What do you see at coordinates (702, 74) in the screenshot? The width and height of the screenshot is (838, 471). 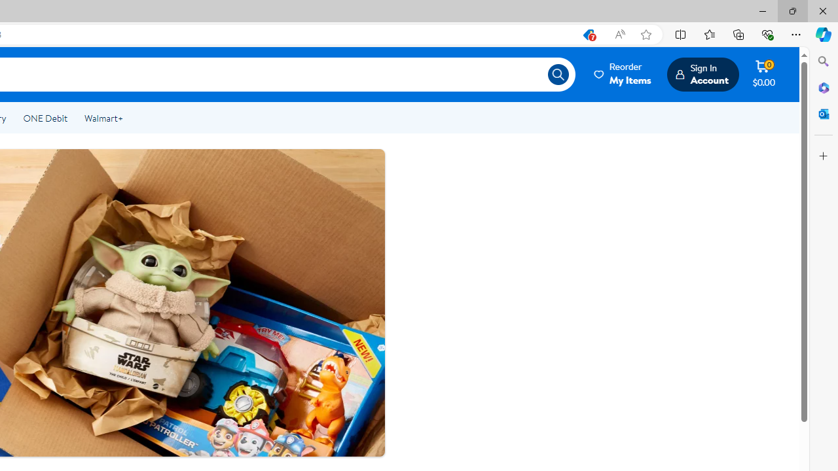 I see `'Sign In Account'` at bounding box center [702, 74].